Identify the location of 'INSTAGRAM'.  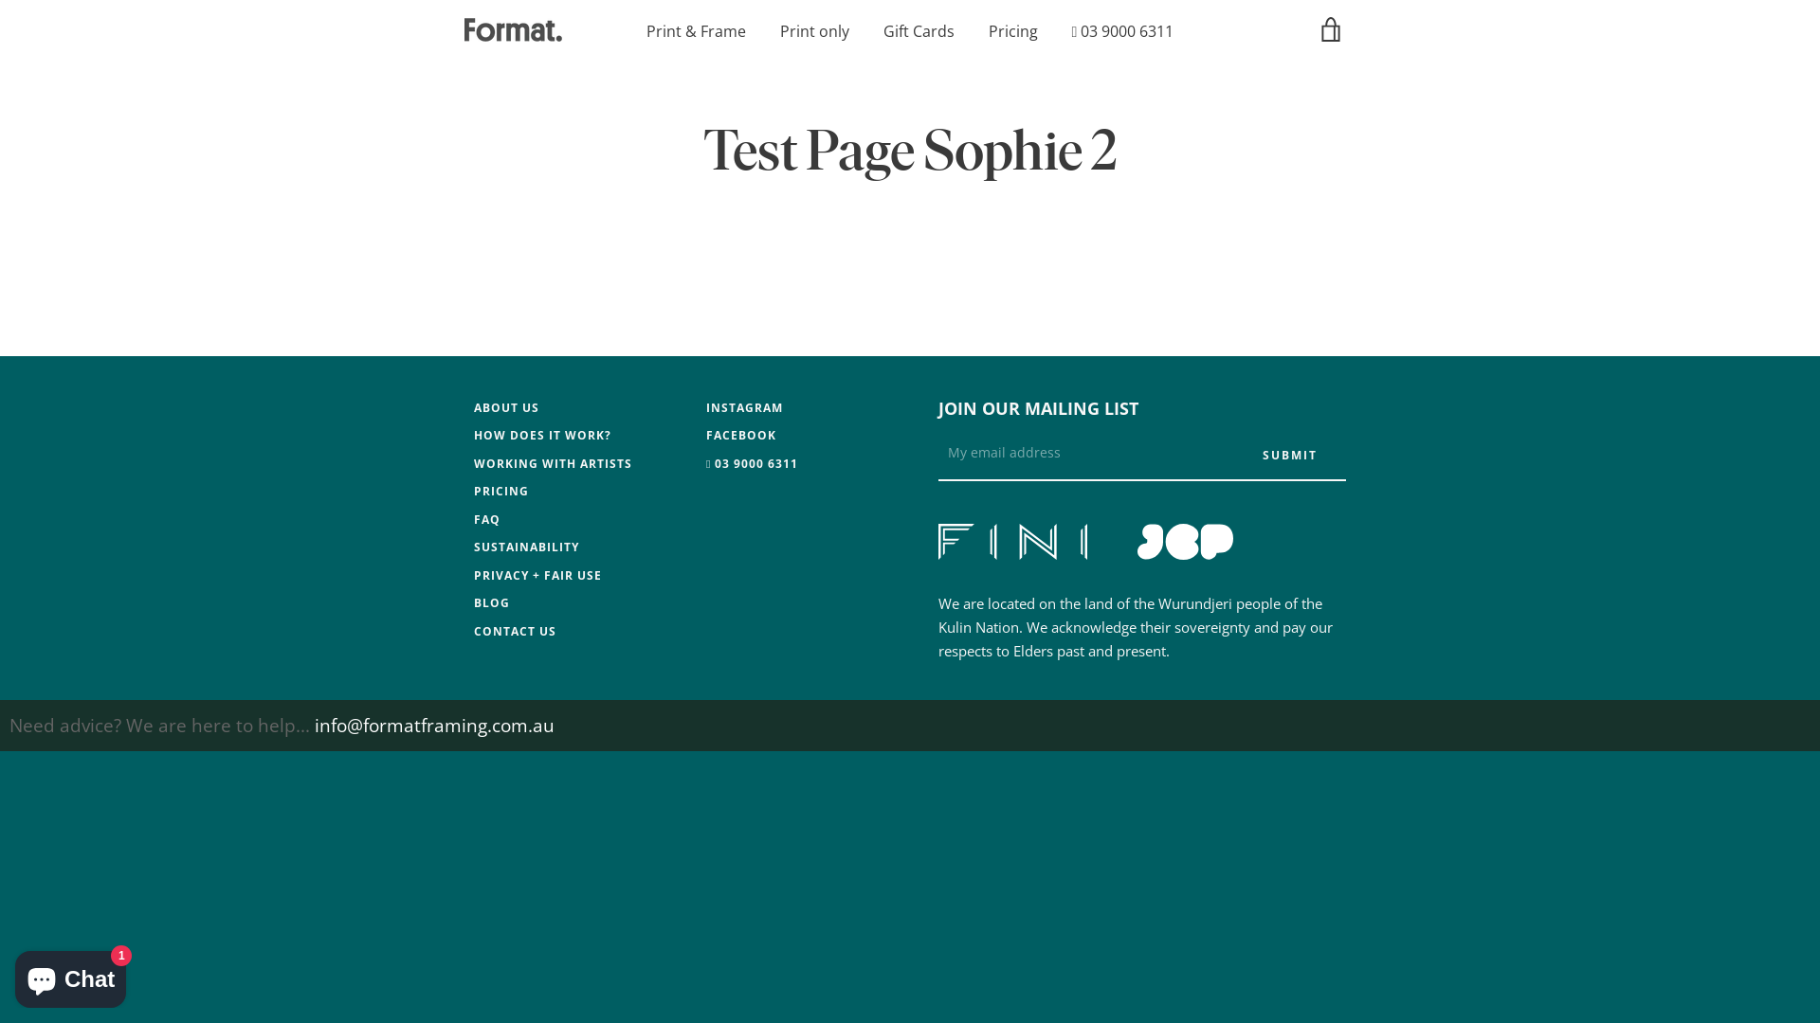
(743, 406).